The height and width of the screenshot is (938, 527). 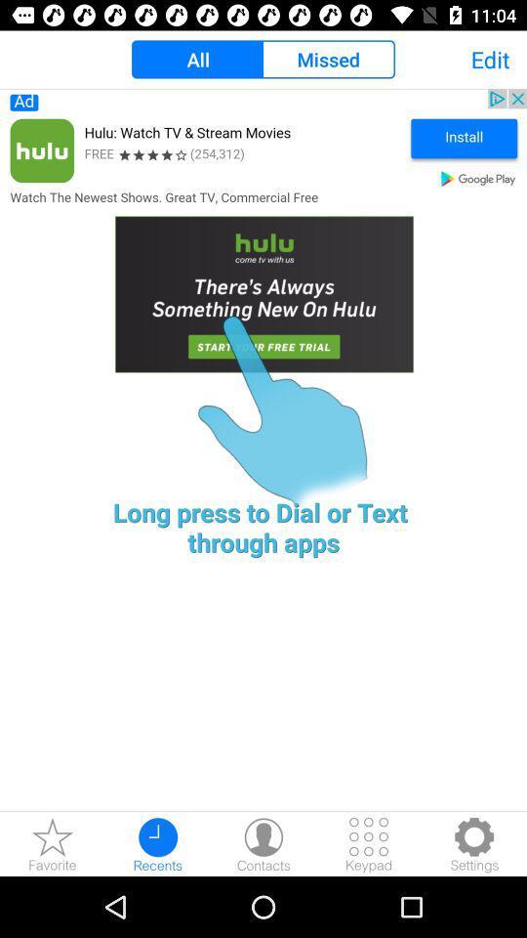 I want to click on choose this icon, so click(x=263, y=248).